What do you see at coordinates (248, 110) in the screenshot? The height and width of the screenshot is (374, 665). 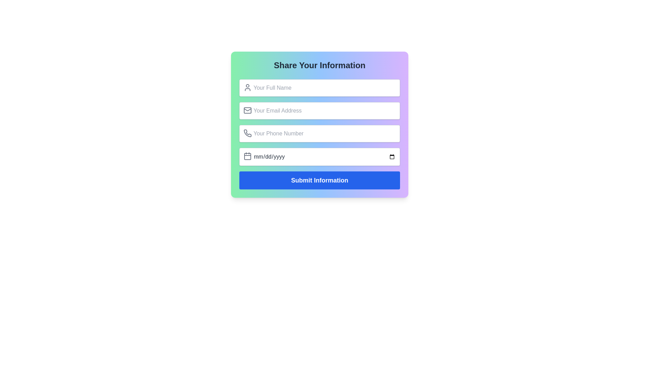 I see `the mail icon resembling an envelope, which is styled in gray and located on the left side of the input field labeled 'Your Email Address' in the 'Share Your Information' form` at bounding box center [248, 110].